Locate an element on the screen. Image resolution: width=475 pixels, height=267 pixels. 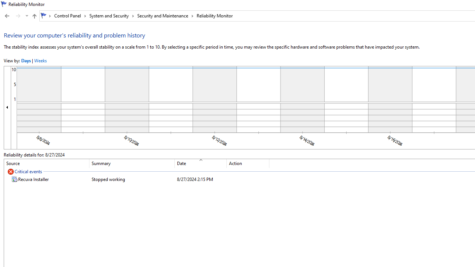
'Control Panel' is located at coordinates (70, 16).